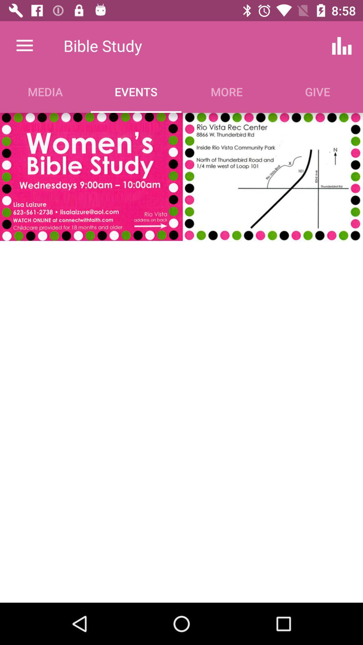 The height and width of the screenshot is (645, 363). What do you see at coordinates (24, 45) in the screenshot?
I see `the item to the left of the bible study icon` at bounding box center [24, 45].